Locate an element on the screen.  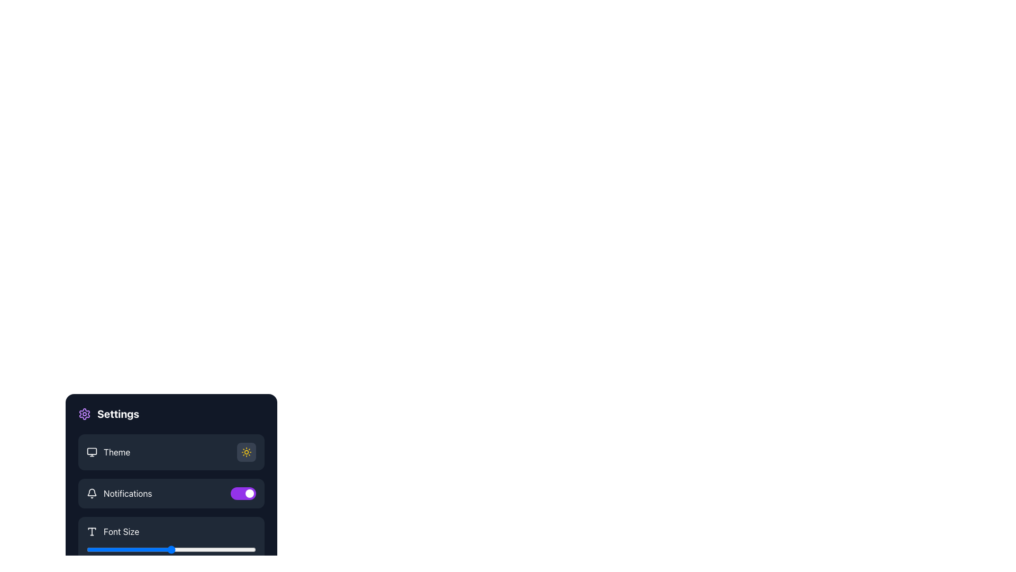
the font size is located at coordinates (242, 549).